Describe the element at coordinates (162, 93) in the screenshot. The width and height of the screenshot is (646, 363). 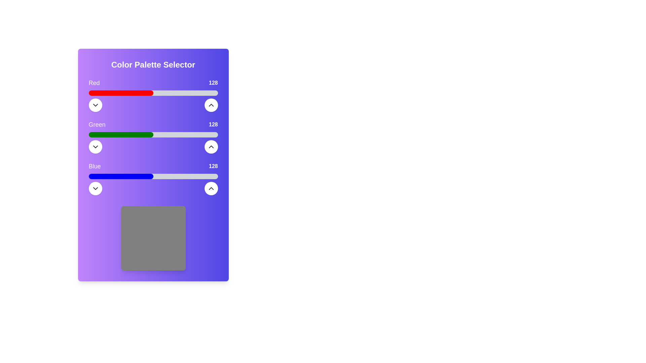
I see `the red intensity` at that location.